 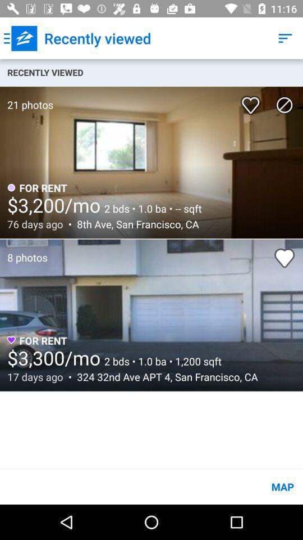 What do you see at coordinates (11, 340) in the screenshot?
I see `the icon heart which is purple in colour` at bounding box center [11, 340].